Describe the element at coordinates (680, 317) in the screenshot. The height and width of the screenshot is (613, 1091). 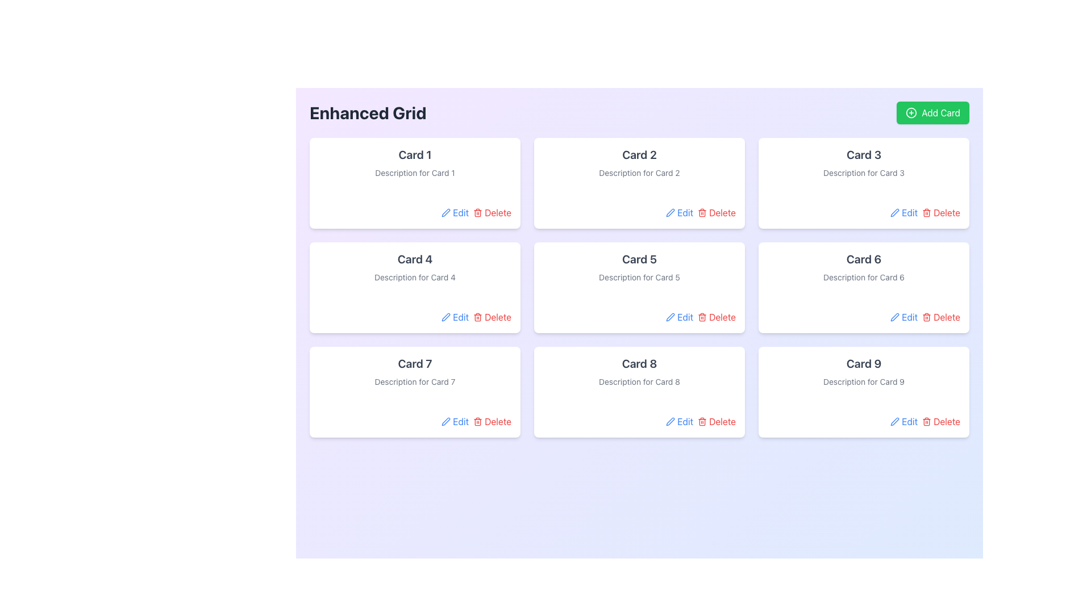
I see `the 'Edit' hyperlink styled as a button located in the 'Card 5' section to observe interactive styling changes` at that location.